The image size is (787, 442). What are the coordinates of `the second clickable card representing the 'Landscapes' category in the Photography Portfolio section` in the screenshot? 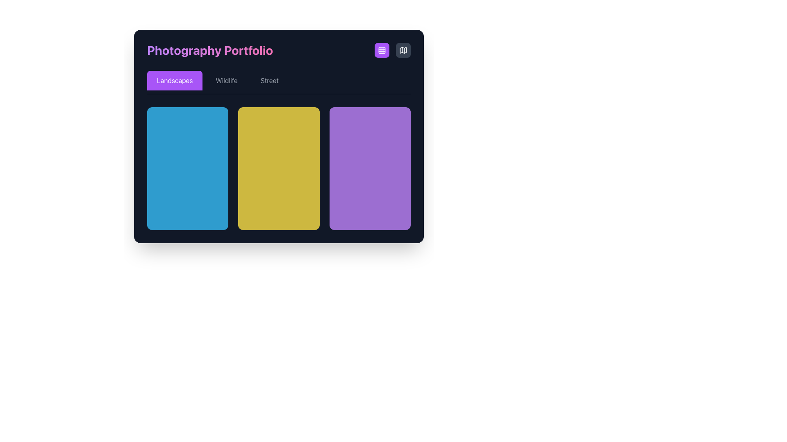 It's located at (279, 136).